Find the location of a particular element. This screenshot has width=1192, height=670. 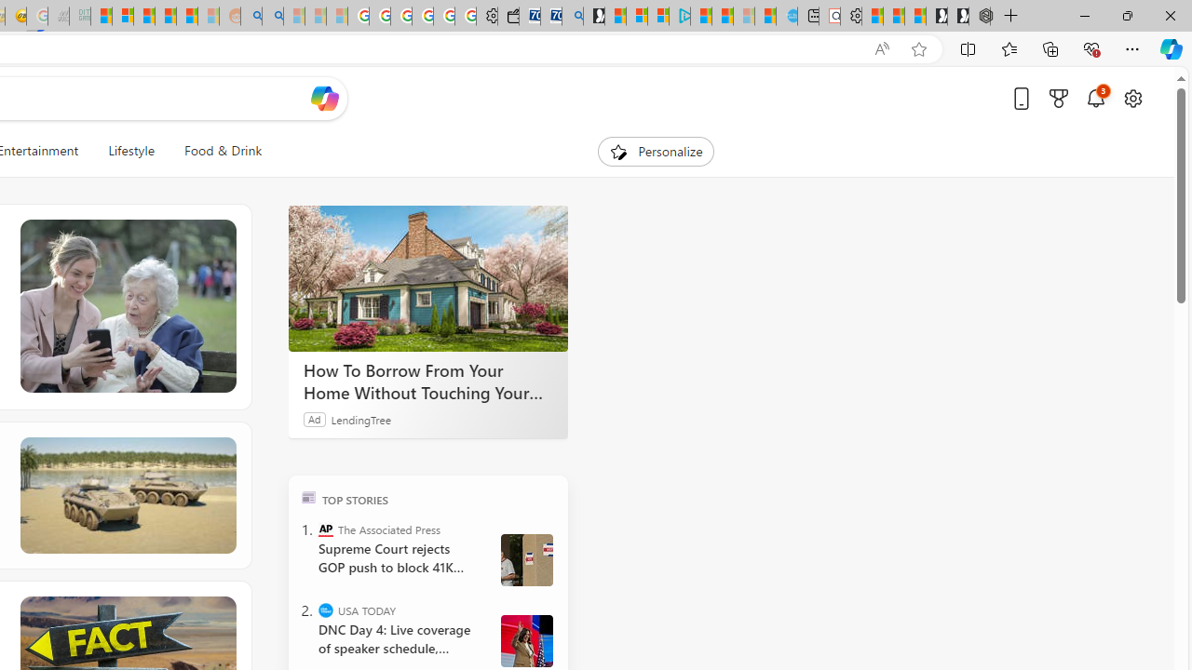

'Wallet' is located at coordinates (508, 16).